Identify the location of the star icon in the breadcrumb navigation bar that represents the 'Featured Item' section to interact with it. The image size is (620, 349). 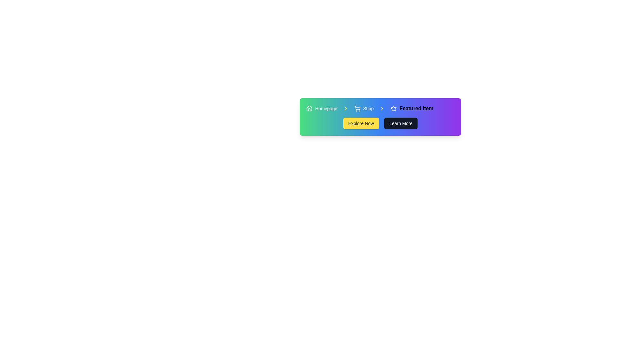
(393, 108).